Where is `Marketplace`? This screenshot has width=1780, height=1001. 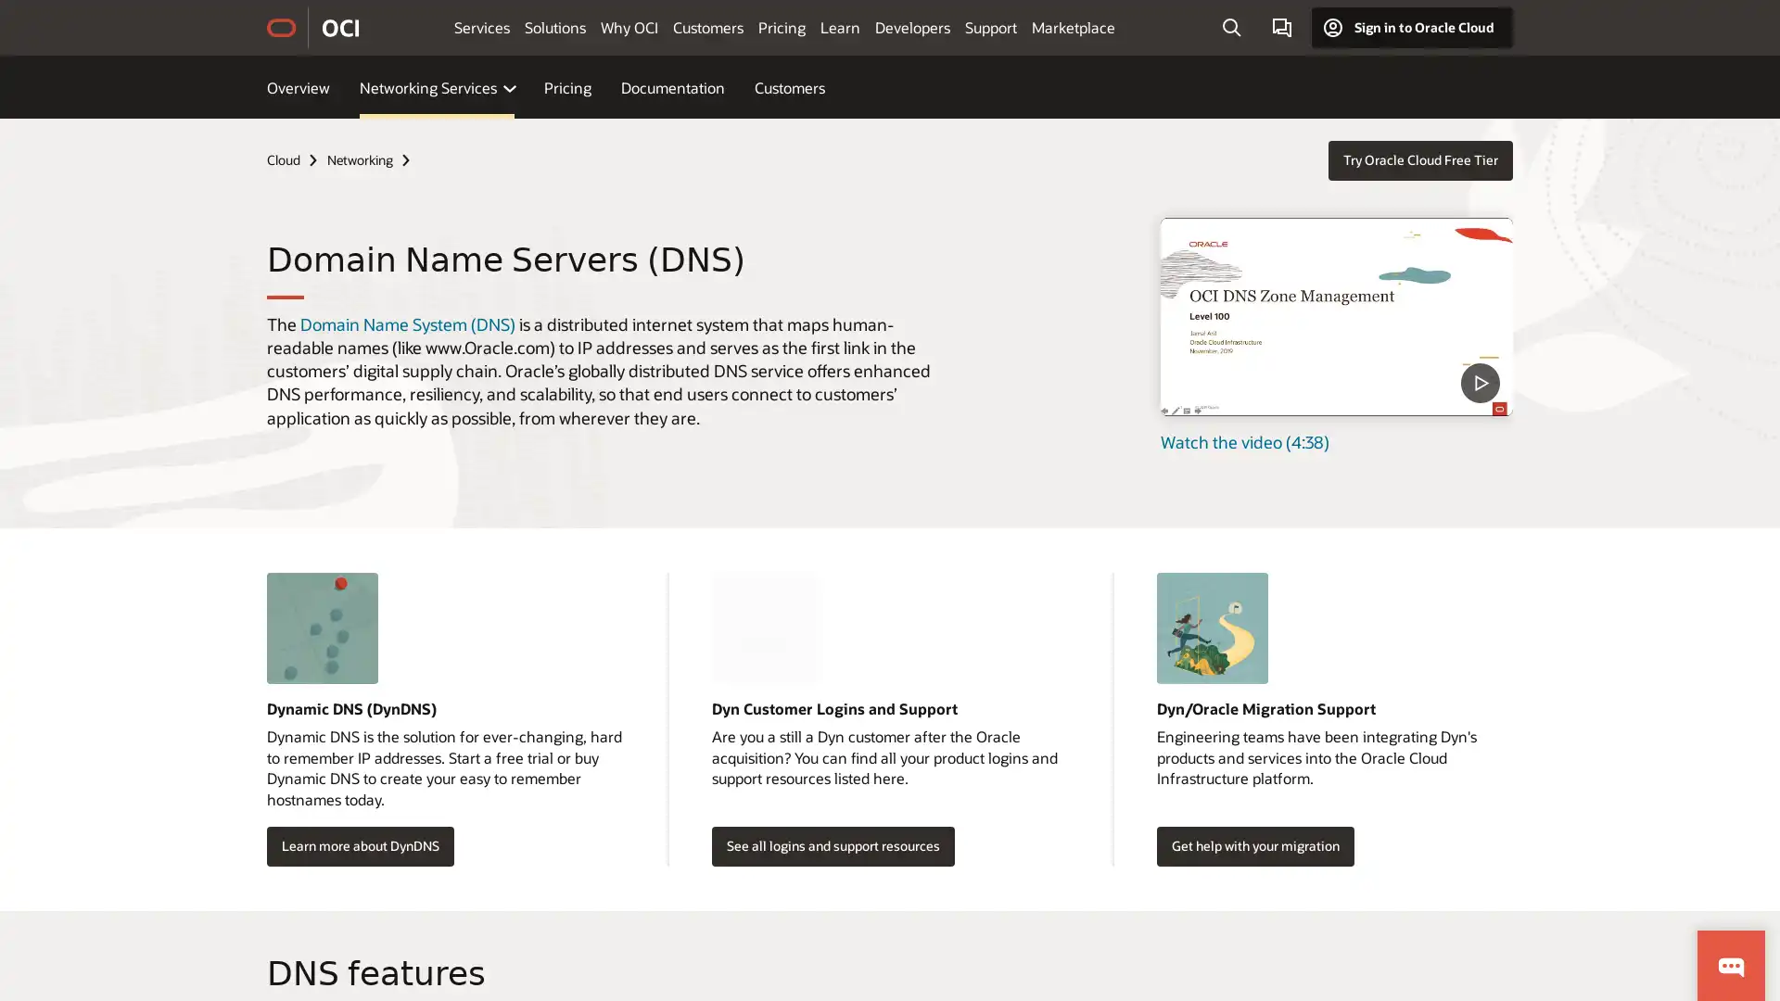
Marketplace is located at coordinates (1073, 27).